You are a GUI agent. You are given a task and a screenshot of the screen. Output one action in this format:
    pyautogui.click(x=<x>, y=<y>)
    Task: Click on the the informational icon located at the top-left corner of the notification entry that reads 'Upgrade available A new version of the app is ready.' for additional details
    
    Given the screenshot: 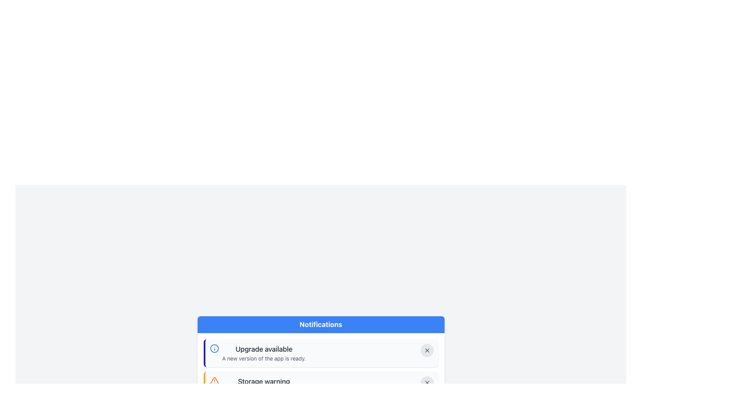 What is the action you would take?
    pyautogui.click(x=214, y=349)
    